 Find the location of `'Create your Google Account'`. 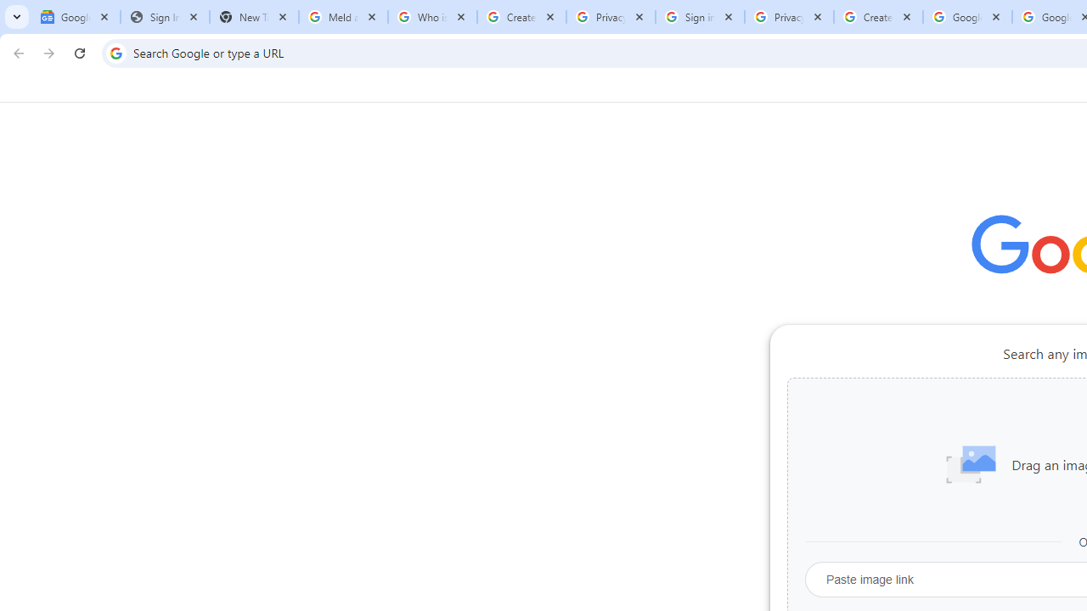

'Create your Google Account' is located at coordinates (878, 17).